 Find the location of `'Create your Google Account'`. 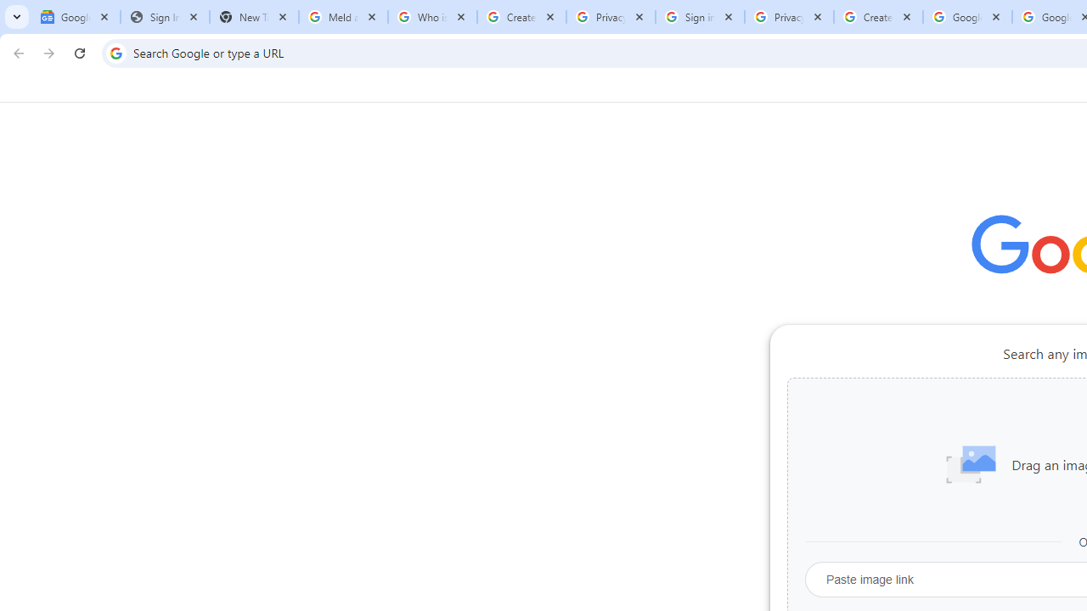

'Create your Google Account' is located at coordinates (878, 17).